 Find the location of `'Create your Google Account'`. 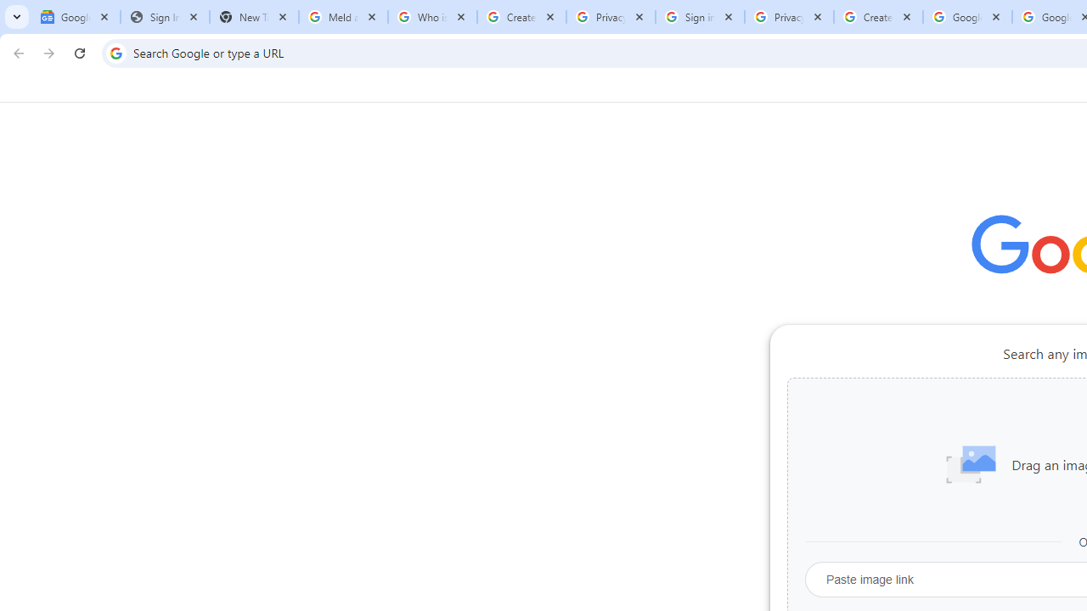

'Create your Google Account' is located at coordinates (878, 17).